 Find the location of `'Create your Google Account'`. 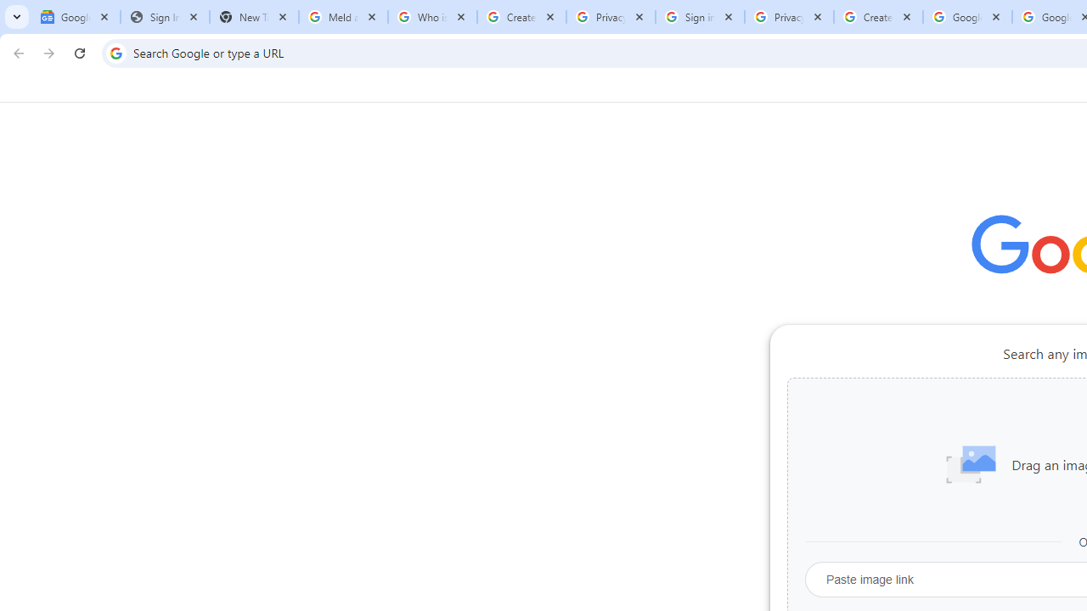

'Create your Google Account' is located at coordinates (878, 17).